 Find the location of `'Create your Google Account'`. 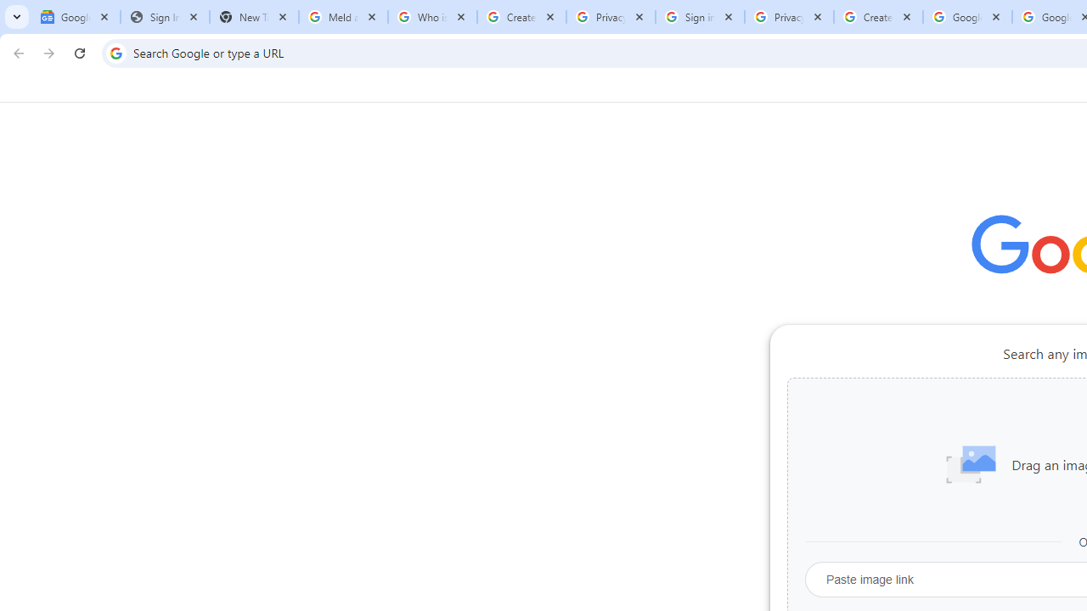

'Create your Google Account' is located at coordinates (878, 17).